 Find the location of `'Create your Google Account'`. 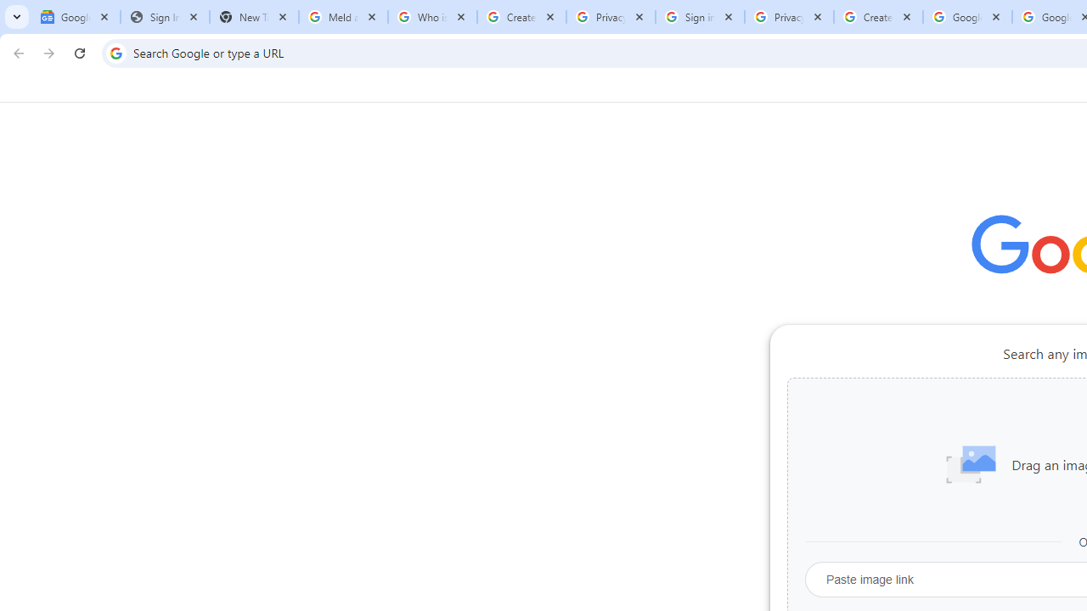

'Create your Google Account' is located at coordinates (878, 17).